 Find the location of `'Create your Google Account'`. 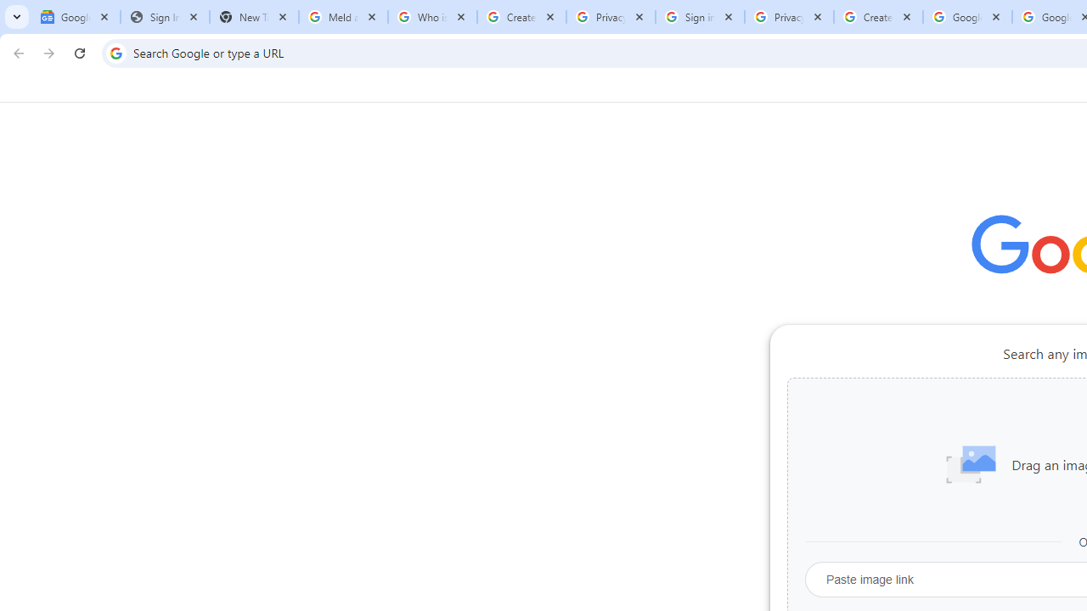

'Create your Google Account' is located at coordinates (878, 17).